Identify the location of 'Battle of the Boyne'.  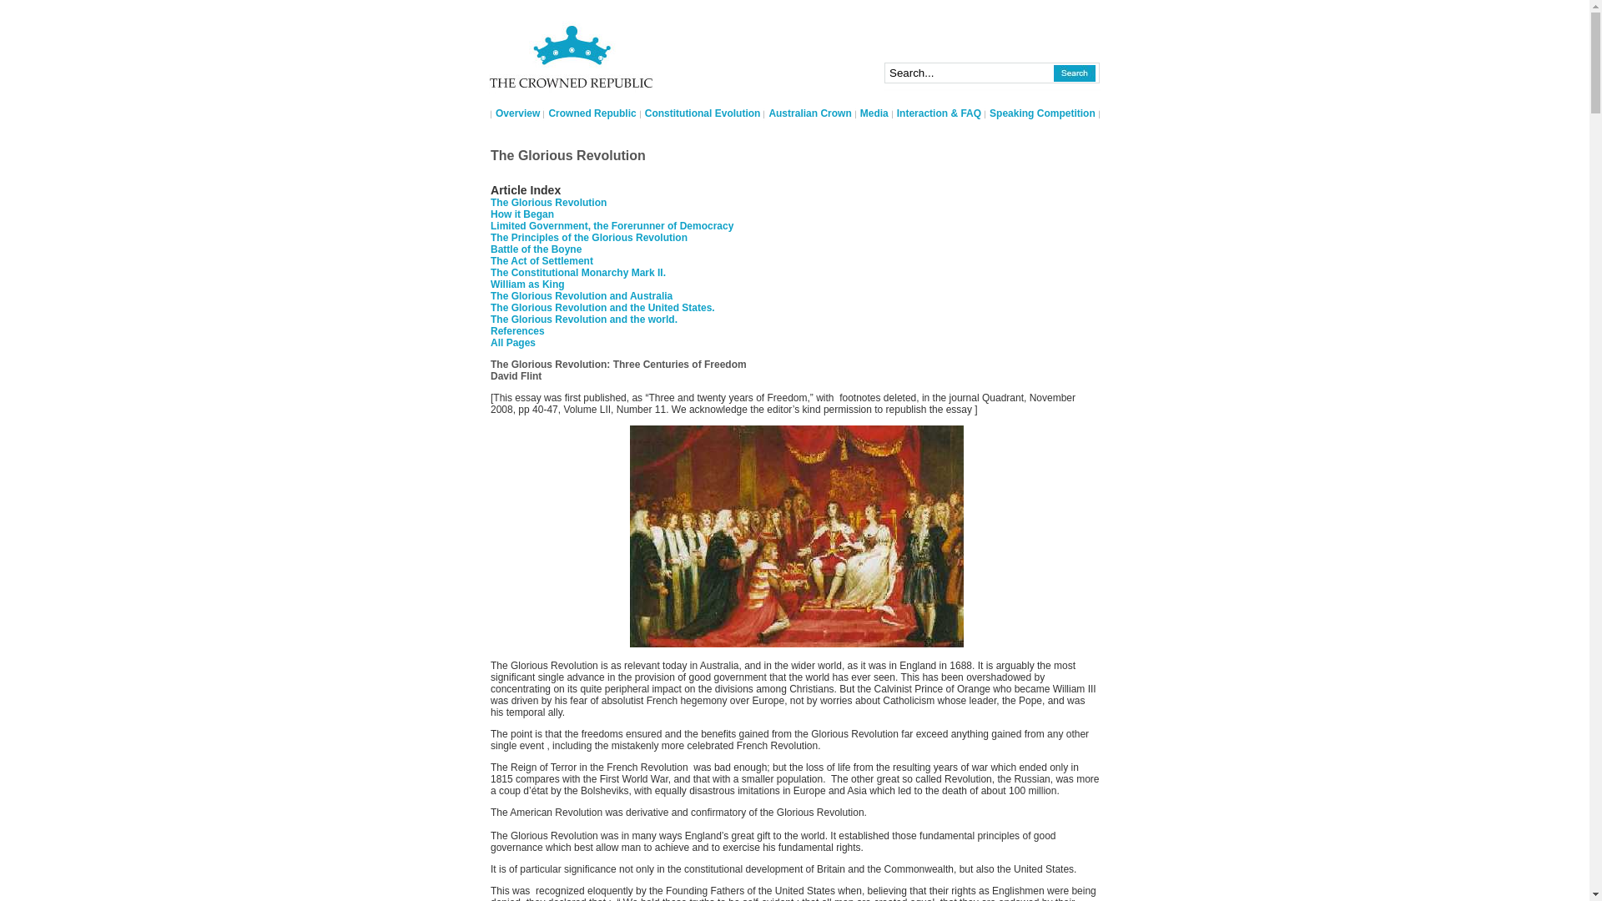
(536, 249).